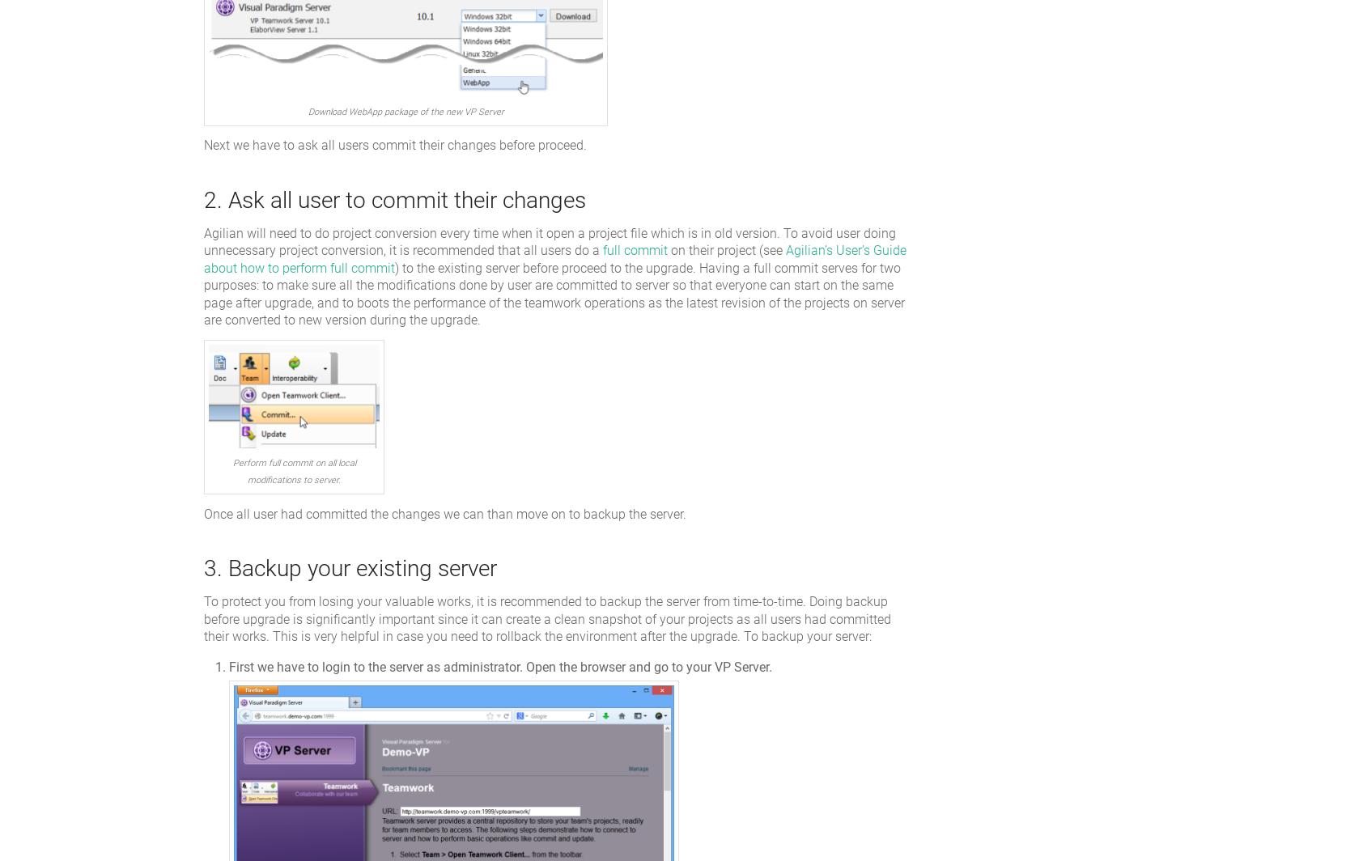 The width and height of the screenshot is (1363, 861). What do you see at coordinates (555, 259) in the screenshot?
I see `'Agilian’s User’s Guide about how to perform full commit'` at bounding box center [555, 259].